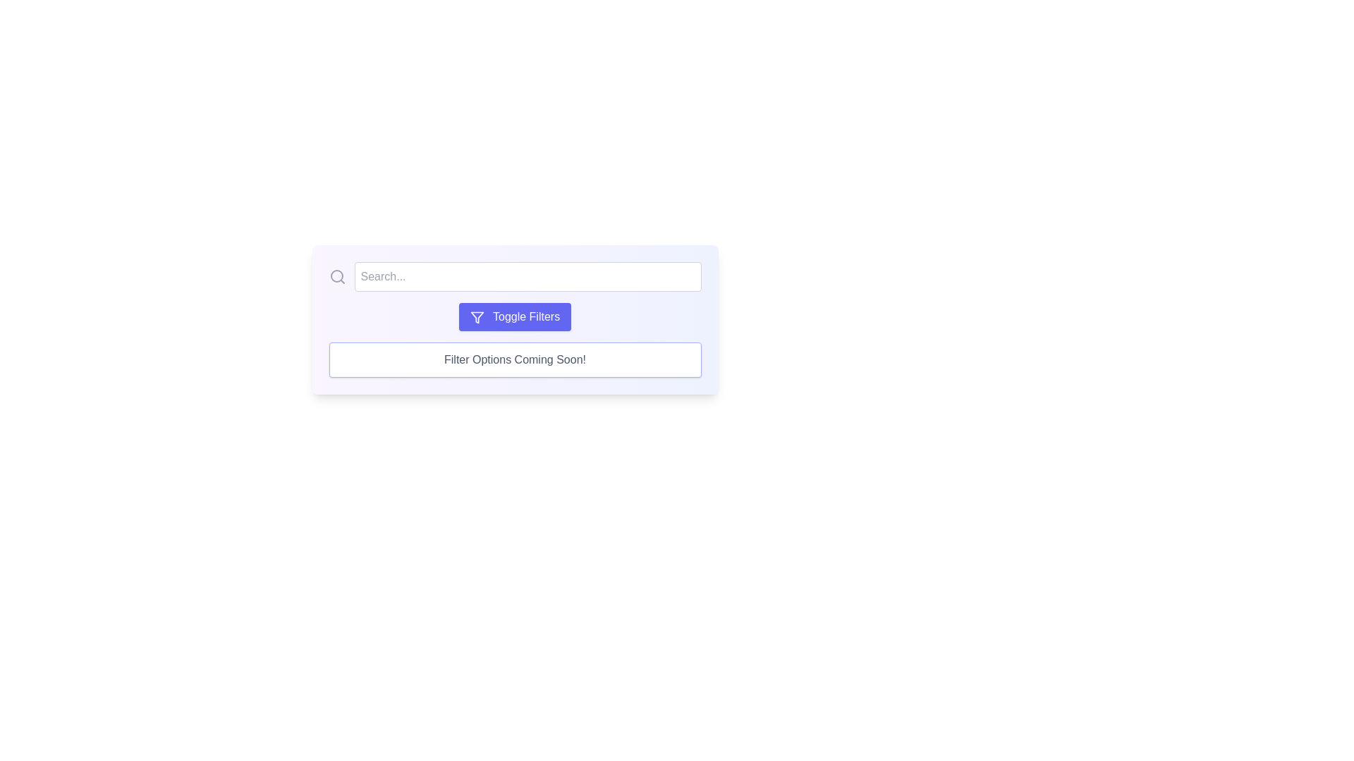  What do you see at coordinates (514, 359) in the screenshot?
I see `the informational Text Box that notifies the user about future filter options, located below the 'Toggle Filters' button` at bounding box center [514, 359].